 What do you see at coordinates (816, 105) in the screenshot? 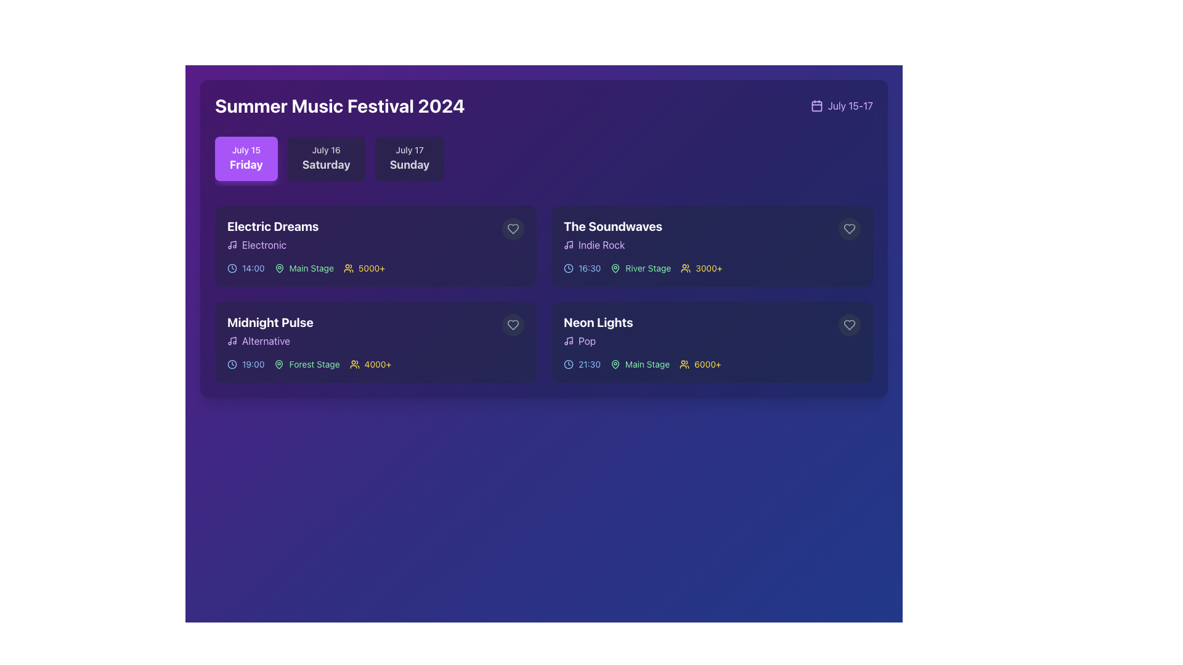
I see `the calendar icon located at the top-right corner of the section displaying dates, positioned to the left of the text 'July 15-17'` at bounding box center [816, 105].